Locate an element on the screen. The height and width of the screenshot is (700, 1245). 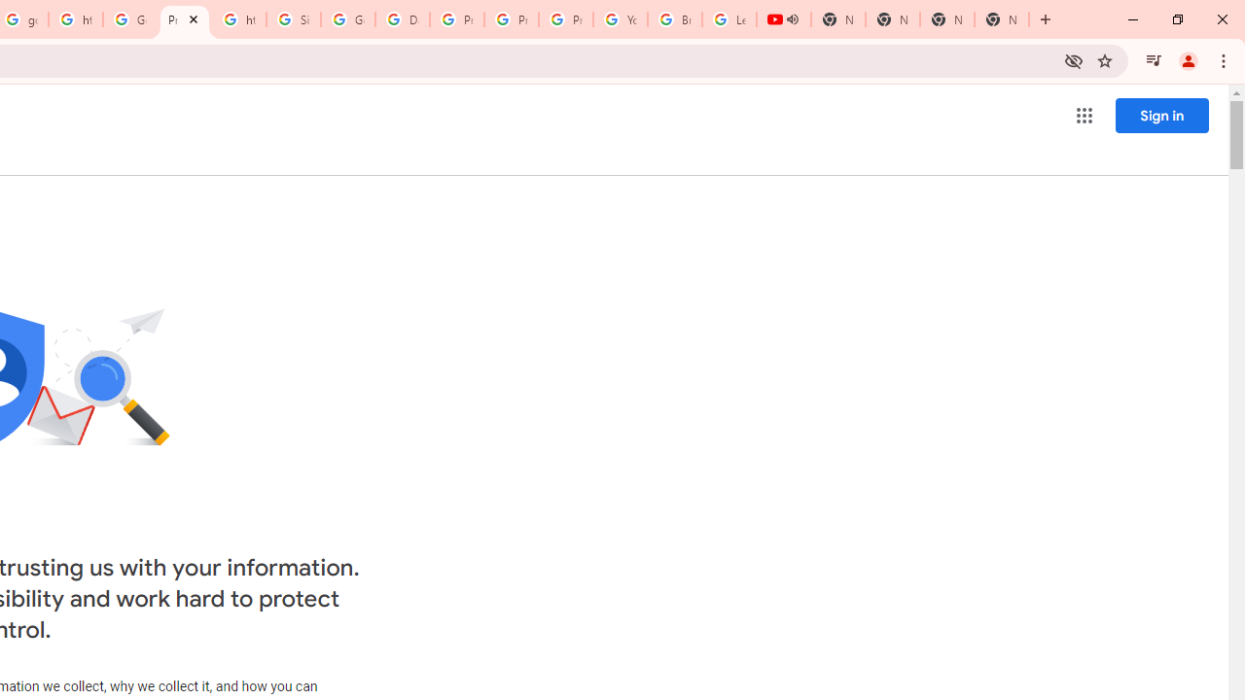
'New Tab' is located at coordinates (1002, 19).